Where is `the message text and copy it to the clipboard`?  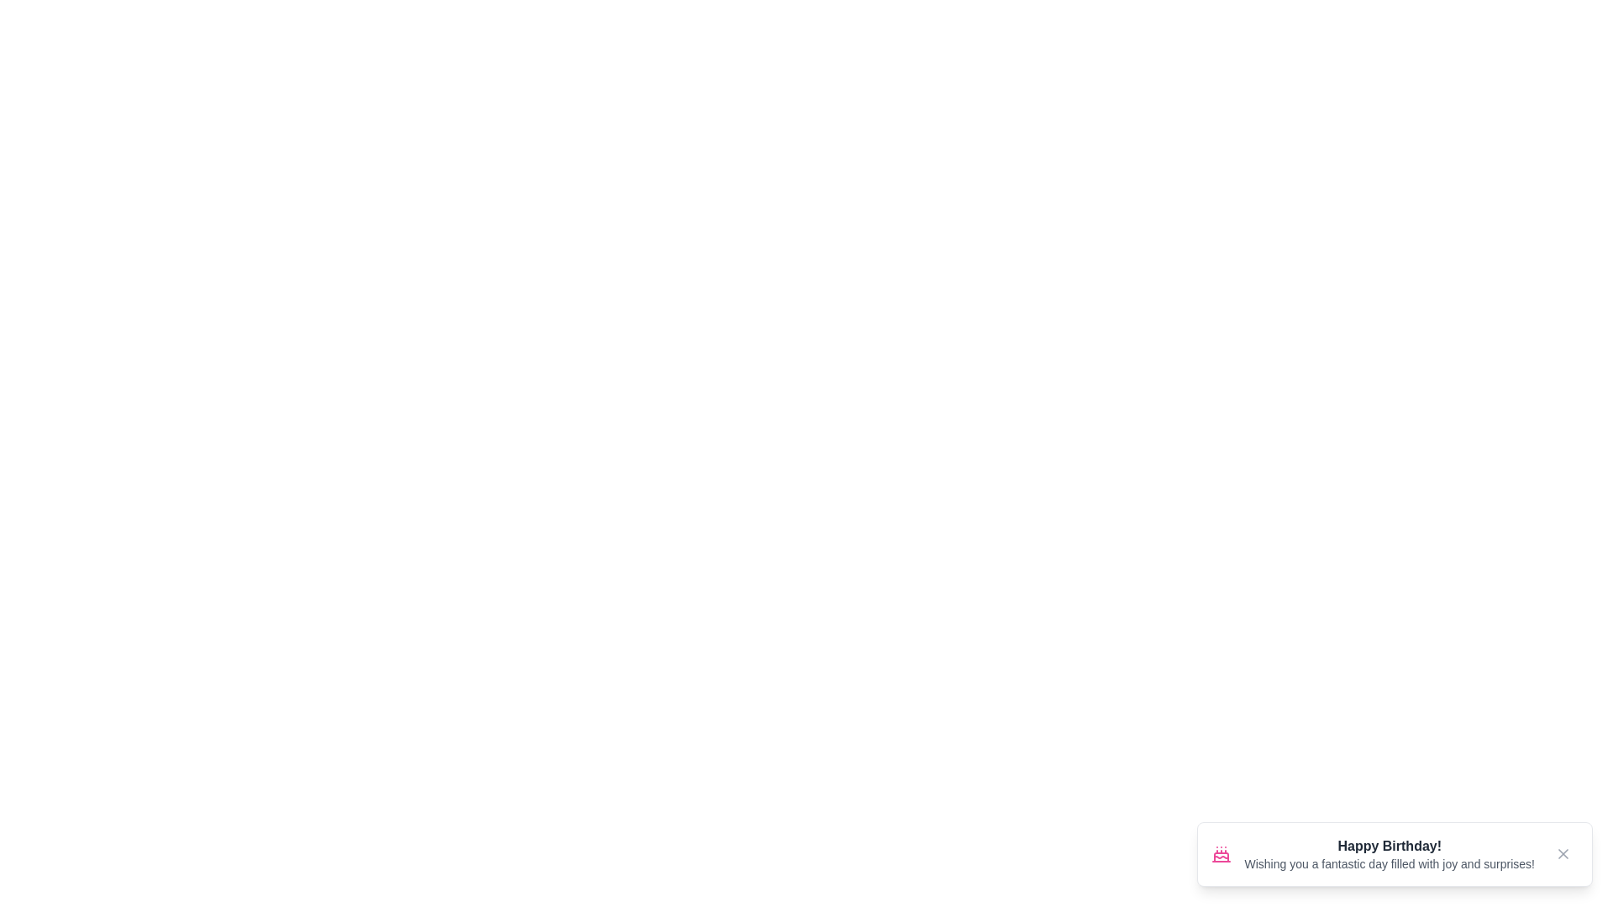
the message text and copy it to the clipboard is located at coordinates (1244, 856).